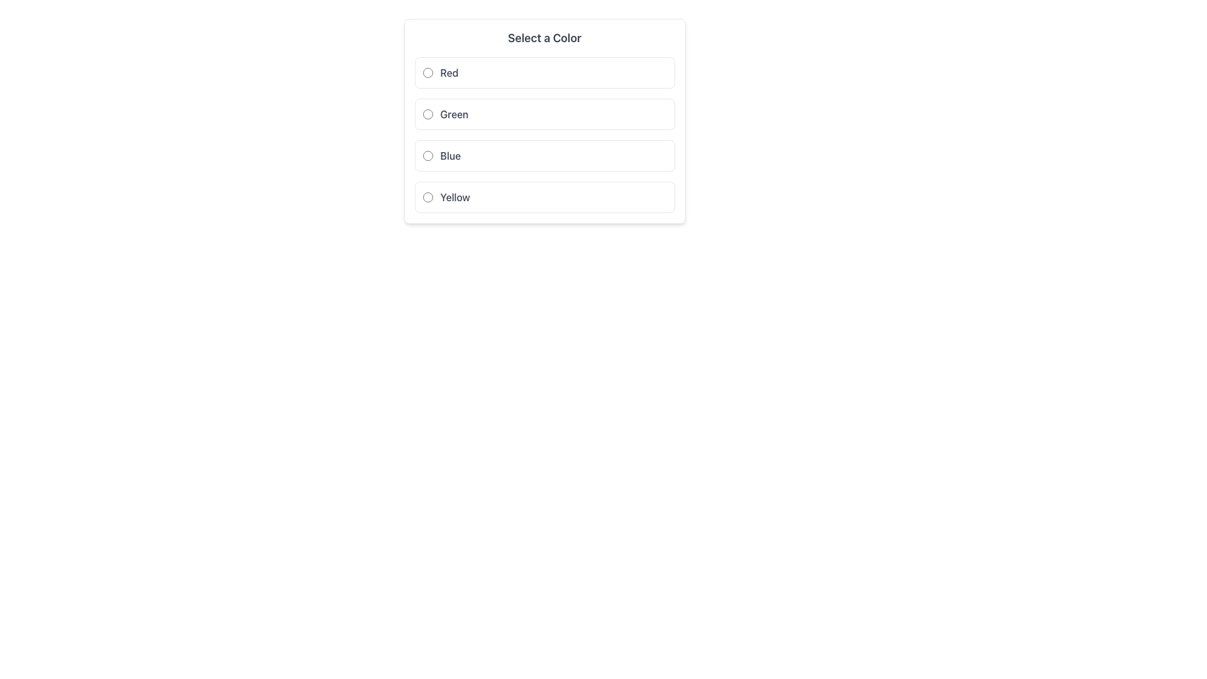 The image size is (1207, 679). What do you see at coordinates (427, 114) in the screenshot?
I see `the radio button labeled 'Green'` at bounding box center [427, 114].